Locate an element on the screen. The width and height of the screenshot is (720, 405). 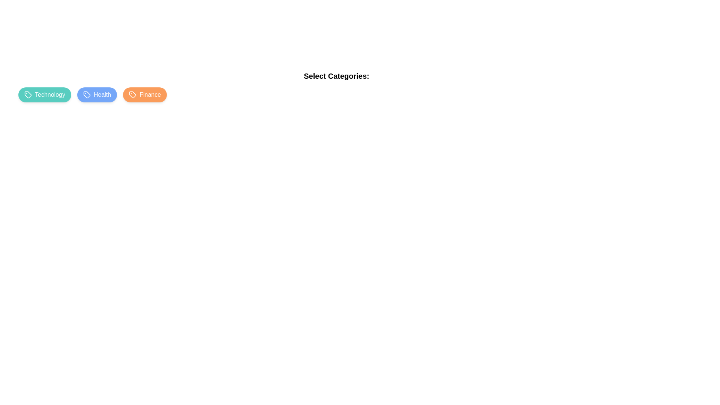
the category chip labeled Finance is located at coordinates (144, 94).